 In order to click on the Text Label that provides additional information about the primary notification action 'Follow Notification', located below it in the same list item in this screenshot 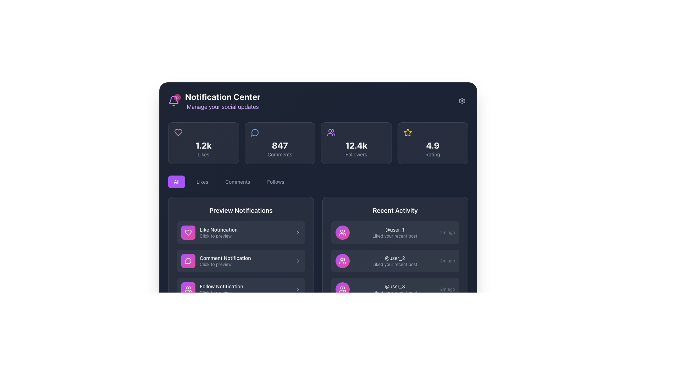, I will do `click(245, 293)`.